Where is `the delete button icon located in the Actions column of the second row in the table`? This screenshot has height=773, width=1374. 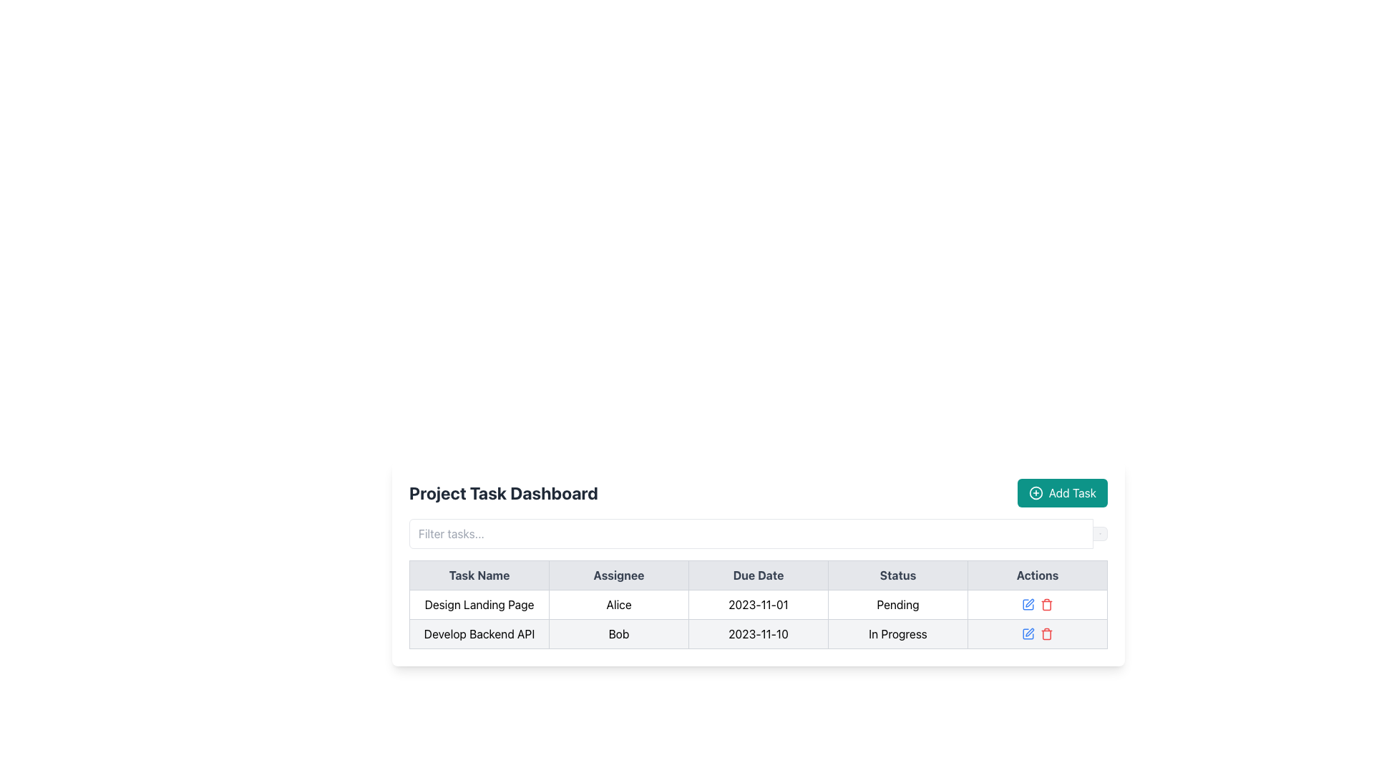 the delete button icon located in the Actions column of the second row in the table is located at coordinates (1047, 604).